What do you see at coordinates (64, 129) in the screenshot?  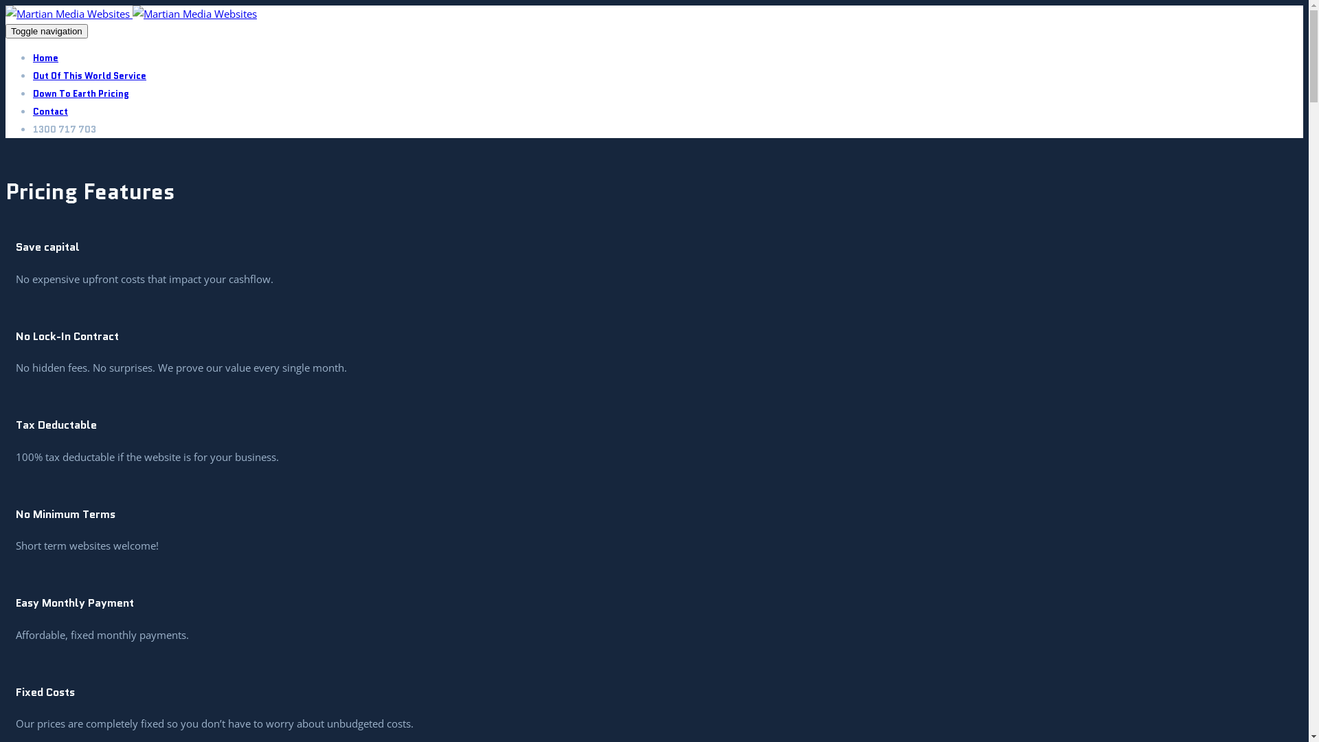 I see `'1300 717 703'` at bounding box center [64, 129].